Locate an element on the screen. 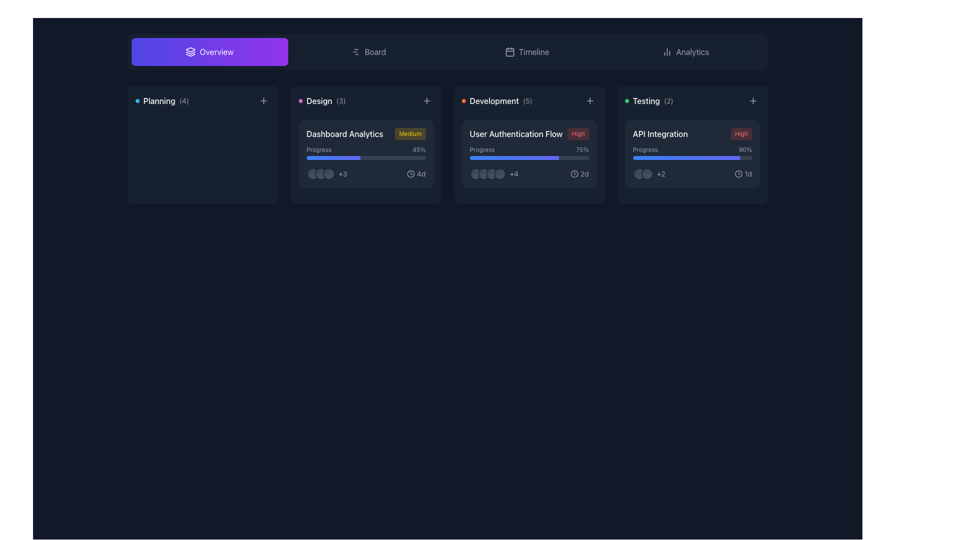  the static text label displaying the count associated with the 'Planning' category, located directly to the right of the text 'Planning' is located at coordinates (184, 100).